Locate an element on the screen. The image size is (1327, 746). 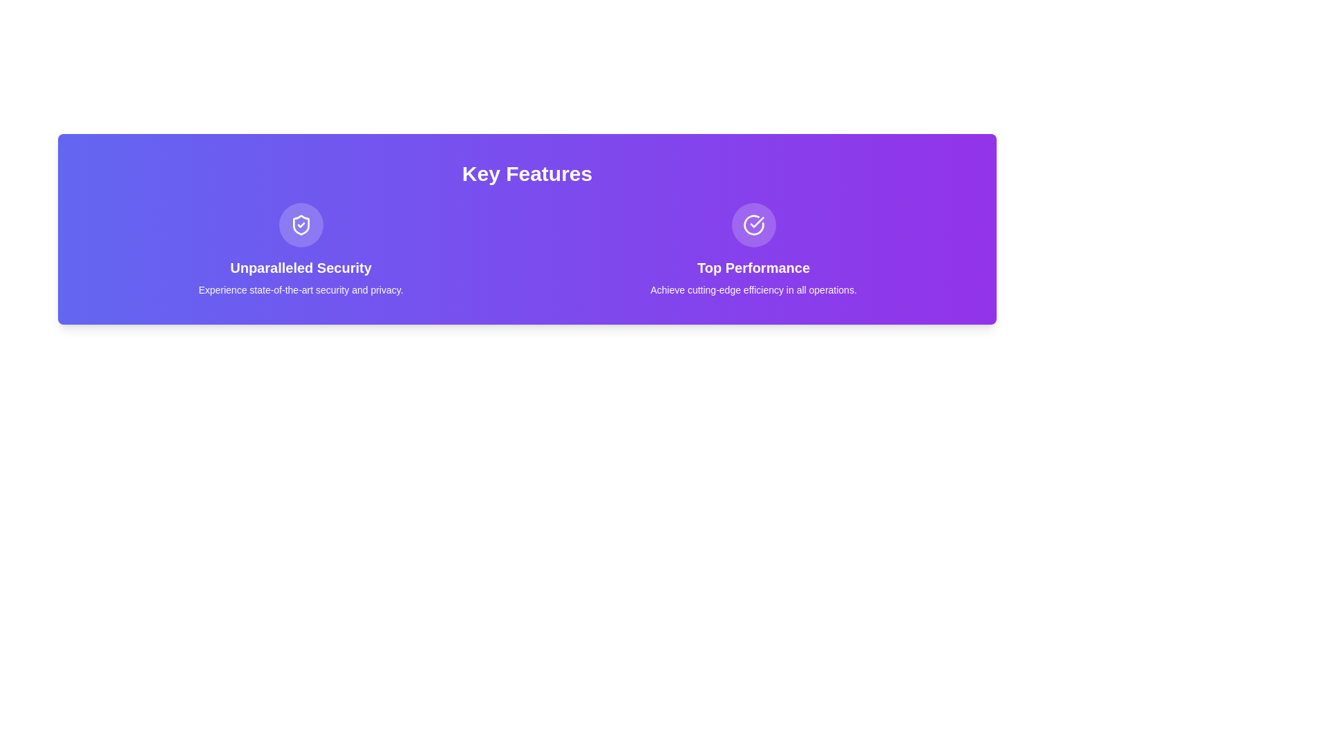
the bold, large-sized text reading 'Top Performance' to trigger a tooltip is located at coordinates (753, 268).